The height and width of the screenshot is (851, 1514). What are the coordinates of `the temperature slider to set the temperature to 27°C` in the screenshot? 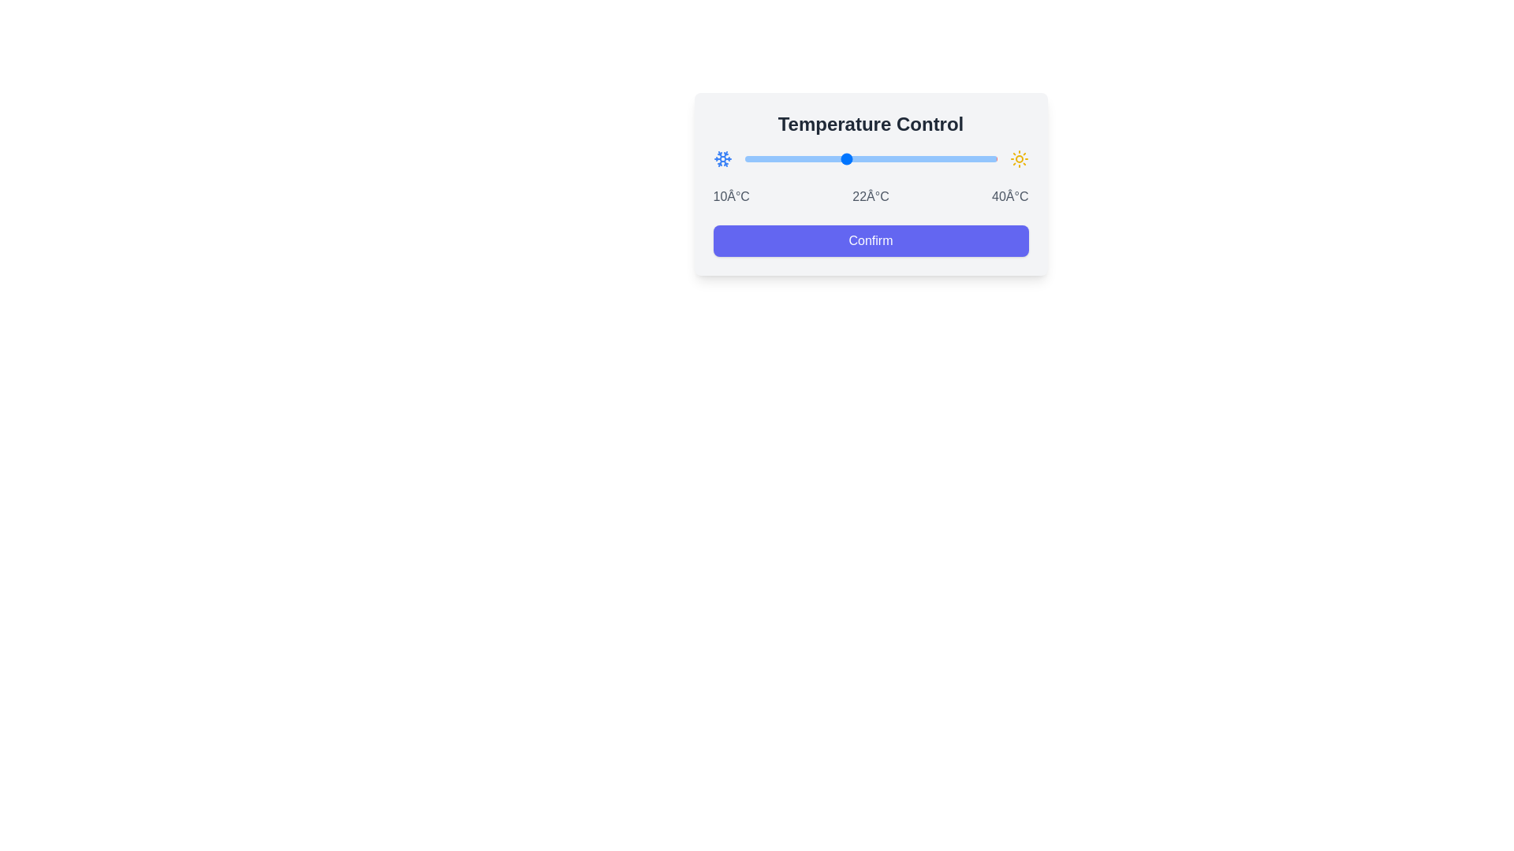 It's located at (887, 158).